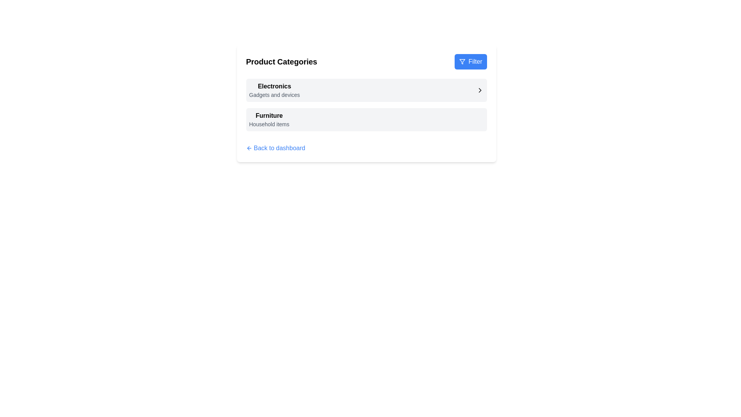  I want to click on the decorative polygon element within the 'Filter' icon located at the top-right corner of the 'Product Categories' dialog interface, so click(462, 61).